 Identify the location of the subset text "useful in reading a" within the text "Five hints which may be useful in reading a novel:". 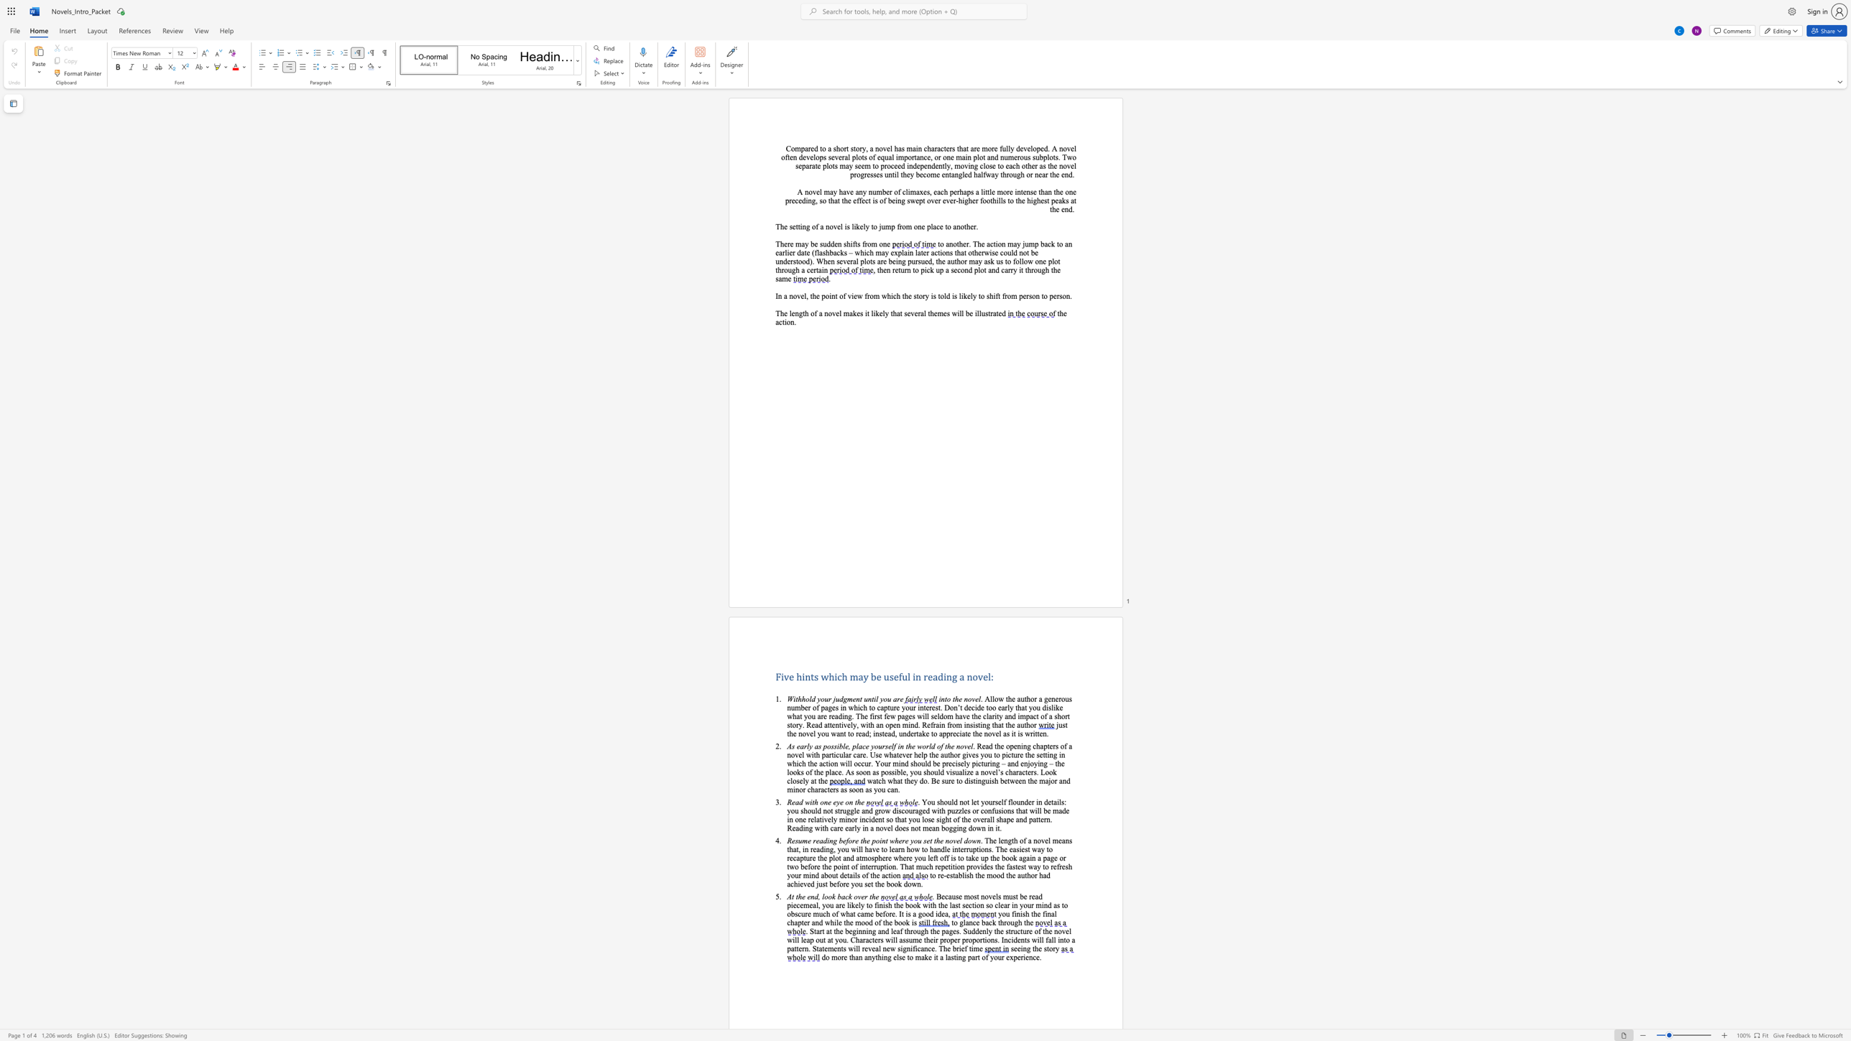
(884, 676).